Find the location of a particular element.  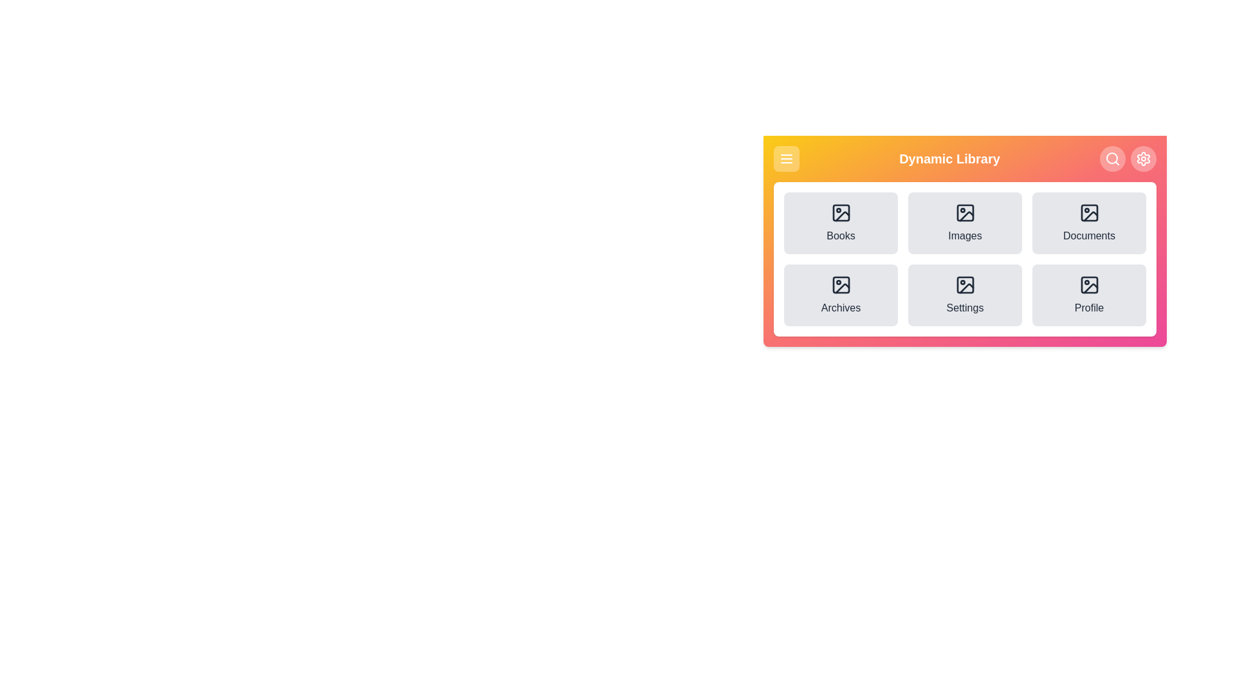

the menu option labeled 'Documents' is located at coordinates (1088, 223).